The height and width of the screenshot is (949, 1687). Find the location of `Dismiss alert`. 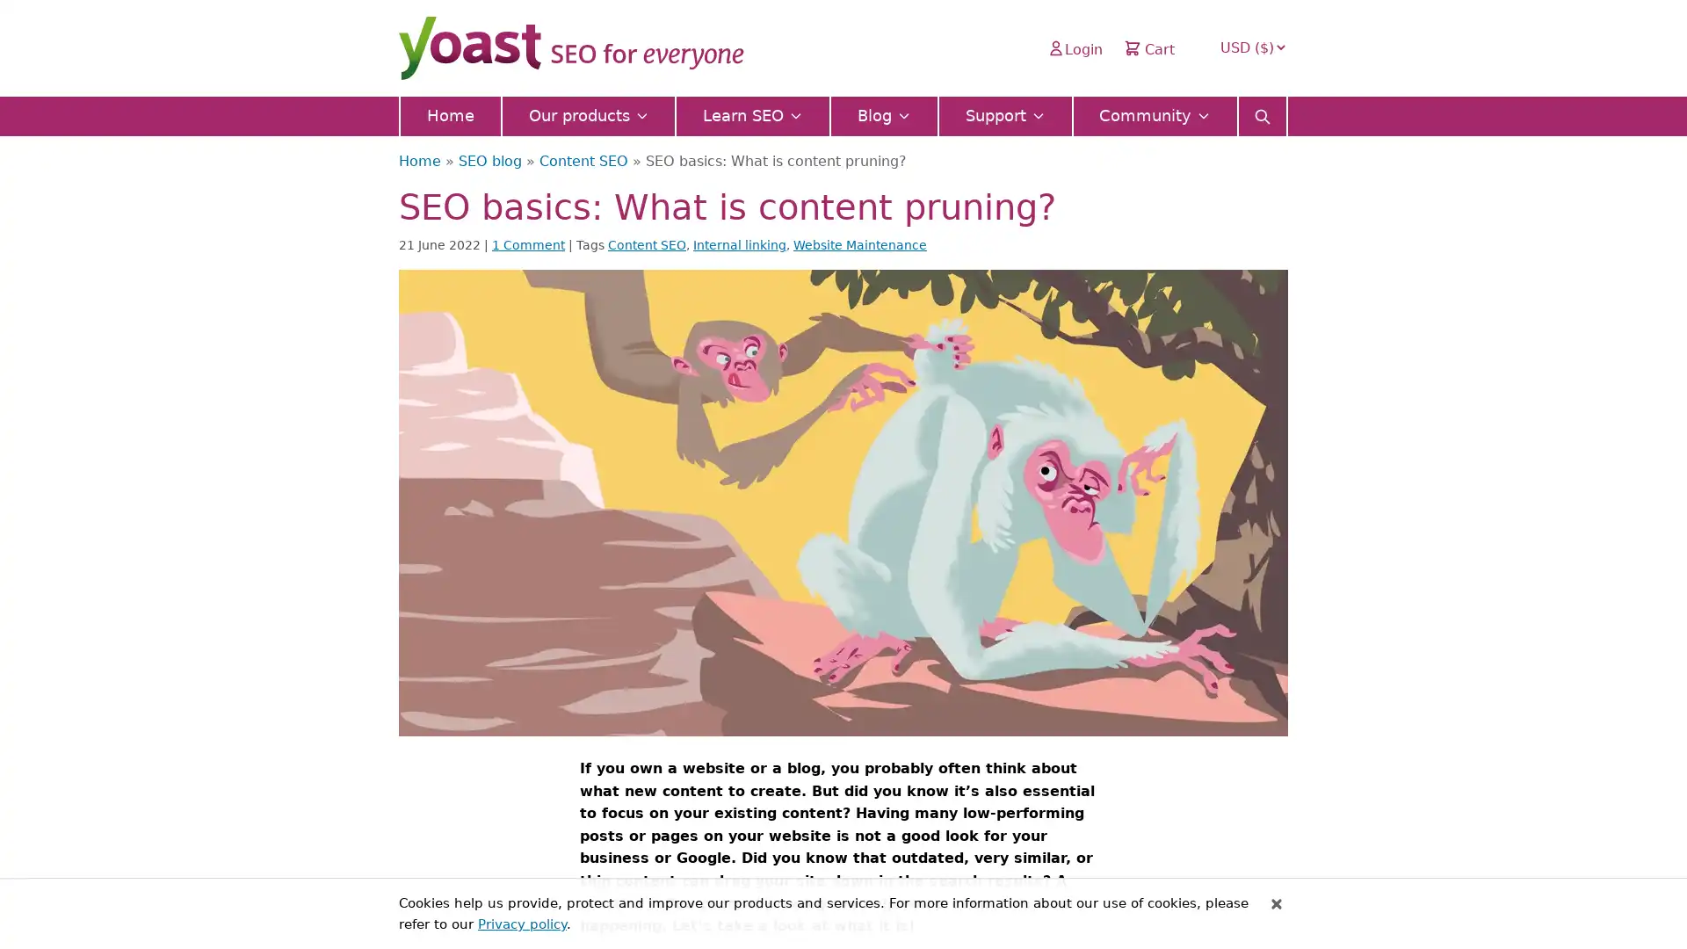

Dismiss alert is located at coordinates (1277, 903).